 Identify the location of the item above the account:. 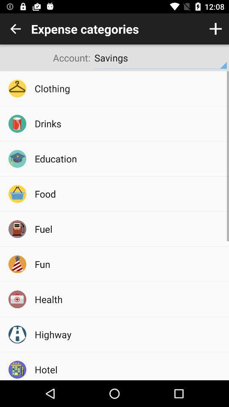
(15, 29).